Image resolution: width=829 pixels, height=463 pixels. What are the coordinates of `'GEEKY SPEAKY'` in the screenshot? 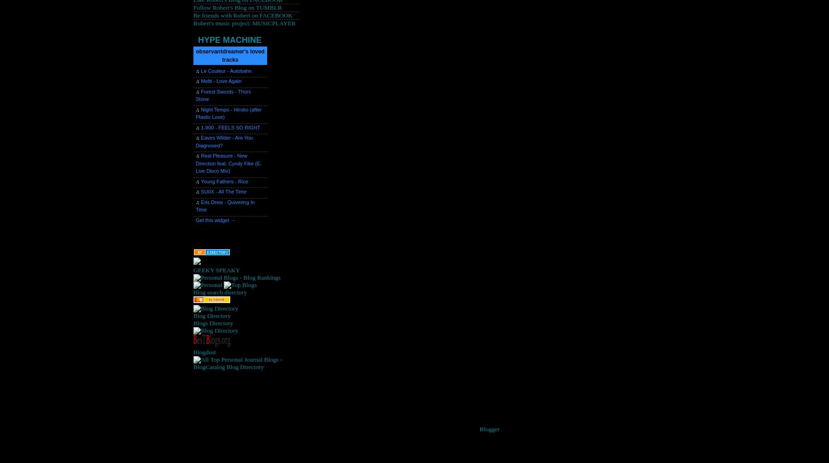 It's located at (216, 269).